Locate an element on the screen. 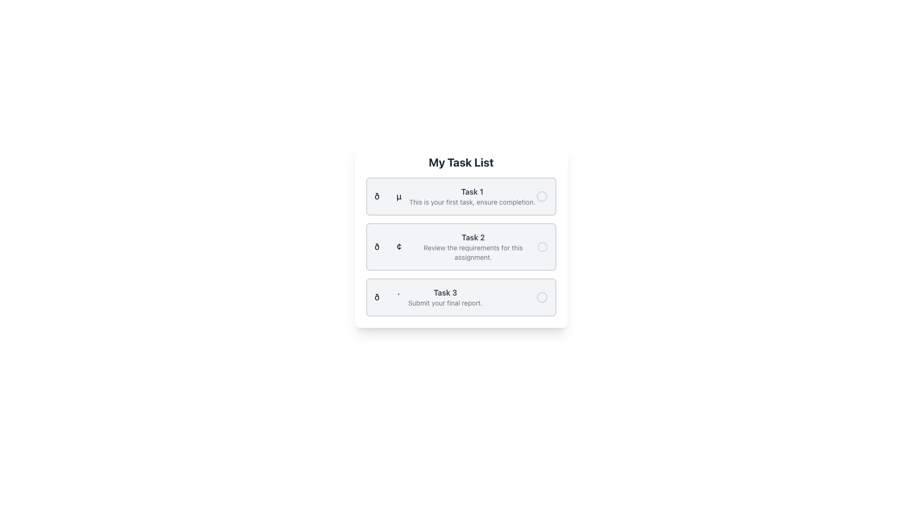  the text label that reads 'Submit your final report.' located below the title 'Task 3' to indicate a secondary descriptive nature is located at coordinates (445, 303).